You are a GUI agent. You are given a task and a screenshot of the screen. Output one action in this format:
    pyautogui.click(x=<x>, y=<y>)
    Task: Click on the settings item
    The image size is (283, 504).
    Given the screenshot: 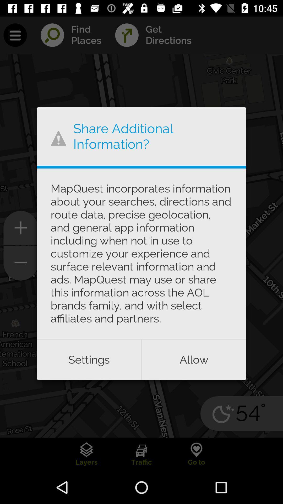 What is the action you would take?
    pyautogui.click(x=89, y=359)
    